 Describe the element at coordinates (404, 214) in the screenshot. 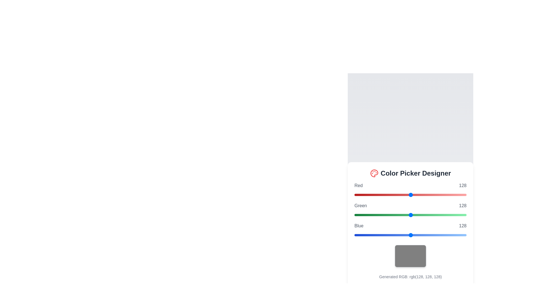

I see `the green slider to set its value to 114` at that location.